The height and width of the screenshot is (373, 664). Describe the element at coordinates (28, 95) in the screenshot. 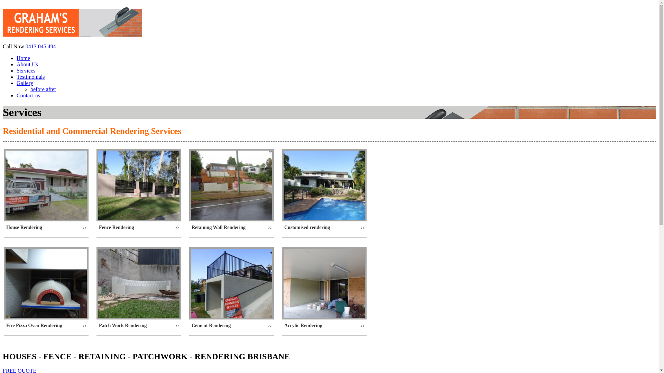

I see `'Contact us'` at that location.